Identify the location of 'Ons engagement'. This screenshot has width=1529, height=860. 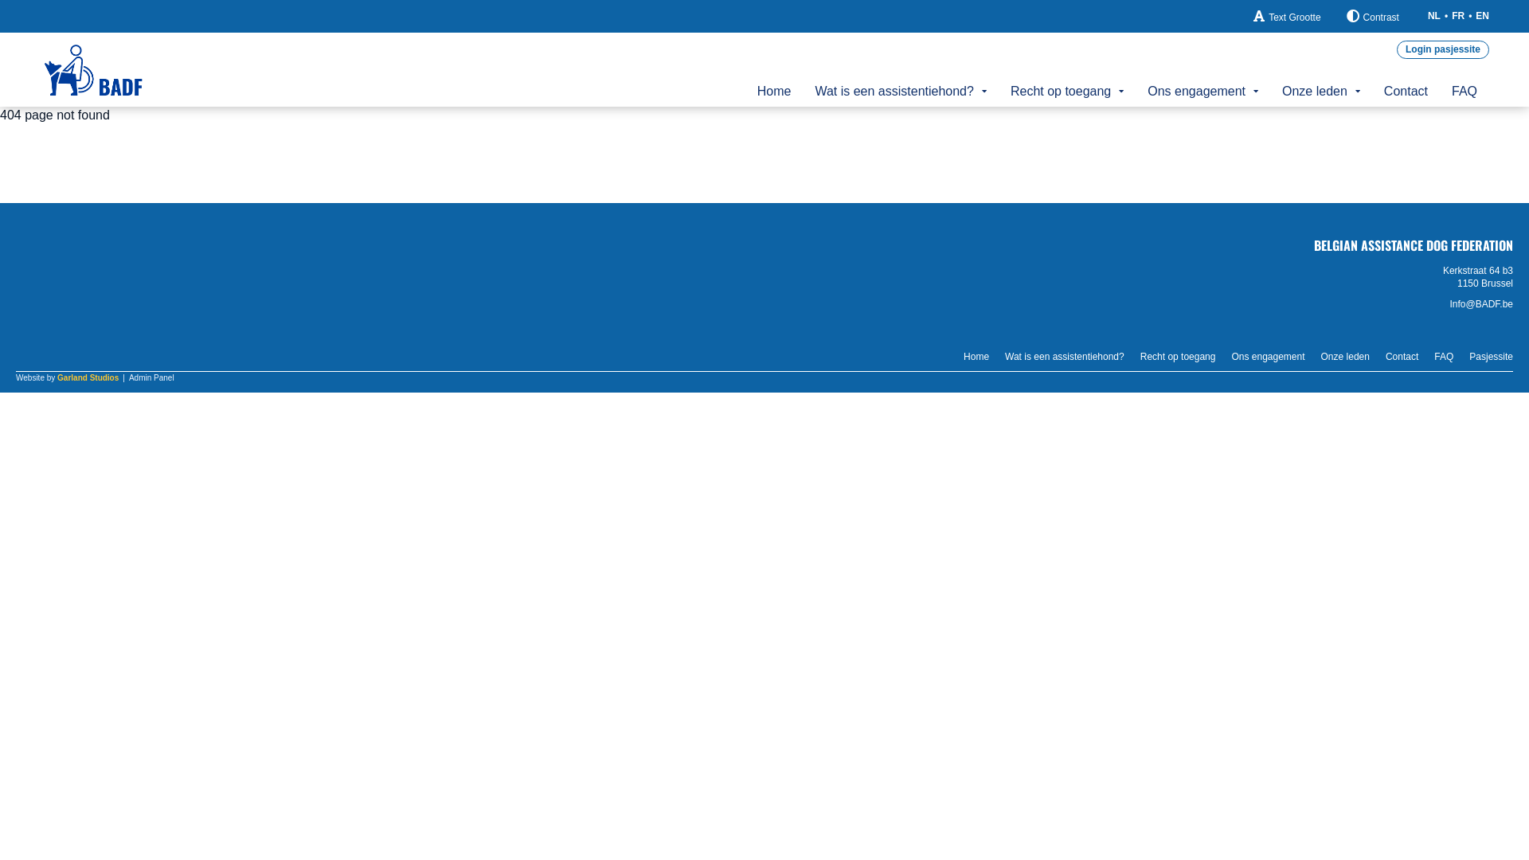
(1202, 91).